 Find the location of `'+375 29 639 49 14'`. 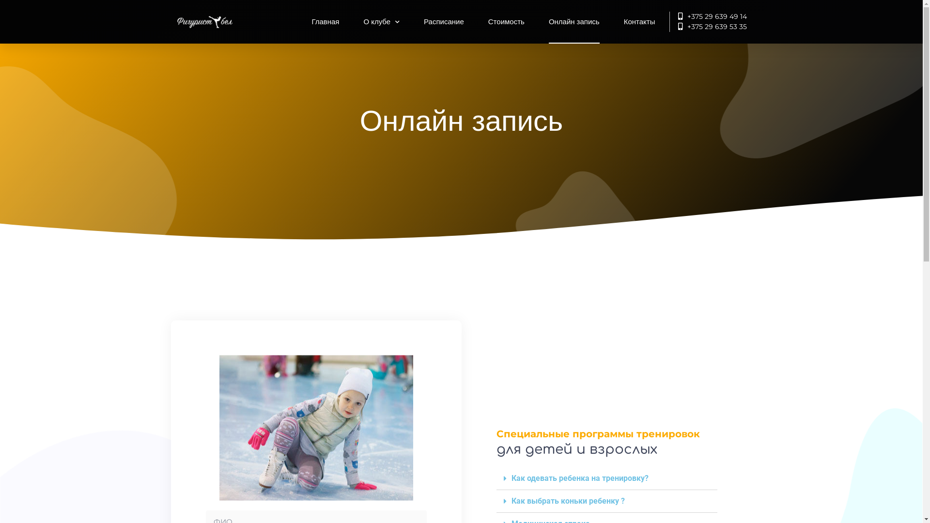

'+375 29 639 49 14' is located at coordinates (708, 16).